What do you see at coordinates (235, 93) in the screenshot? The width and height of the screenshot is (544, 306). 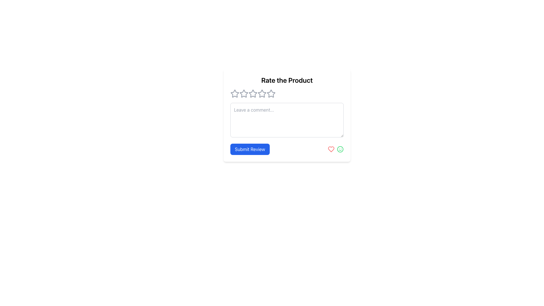 I see `the first star icon in the 5-star rating system` at bounding box center [235, 93].